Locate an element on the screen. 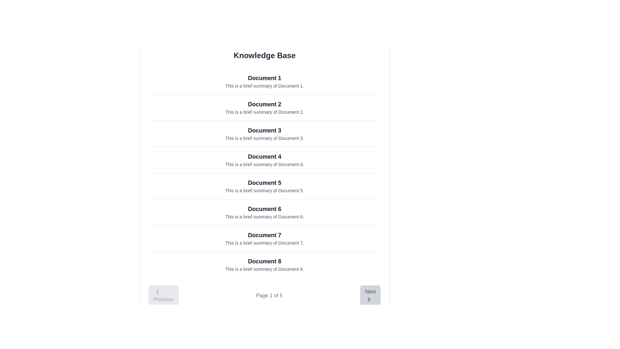  the text label indicating the title of the eighth document in the list, which is non-interactive and serves as a header above the summary text is located at coordinates (264, 261).